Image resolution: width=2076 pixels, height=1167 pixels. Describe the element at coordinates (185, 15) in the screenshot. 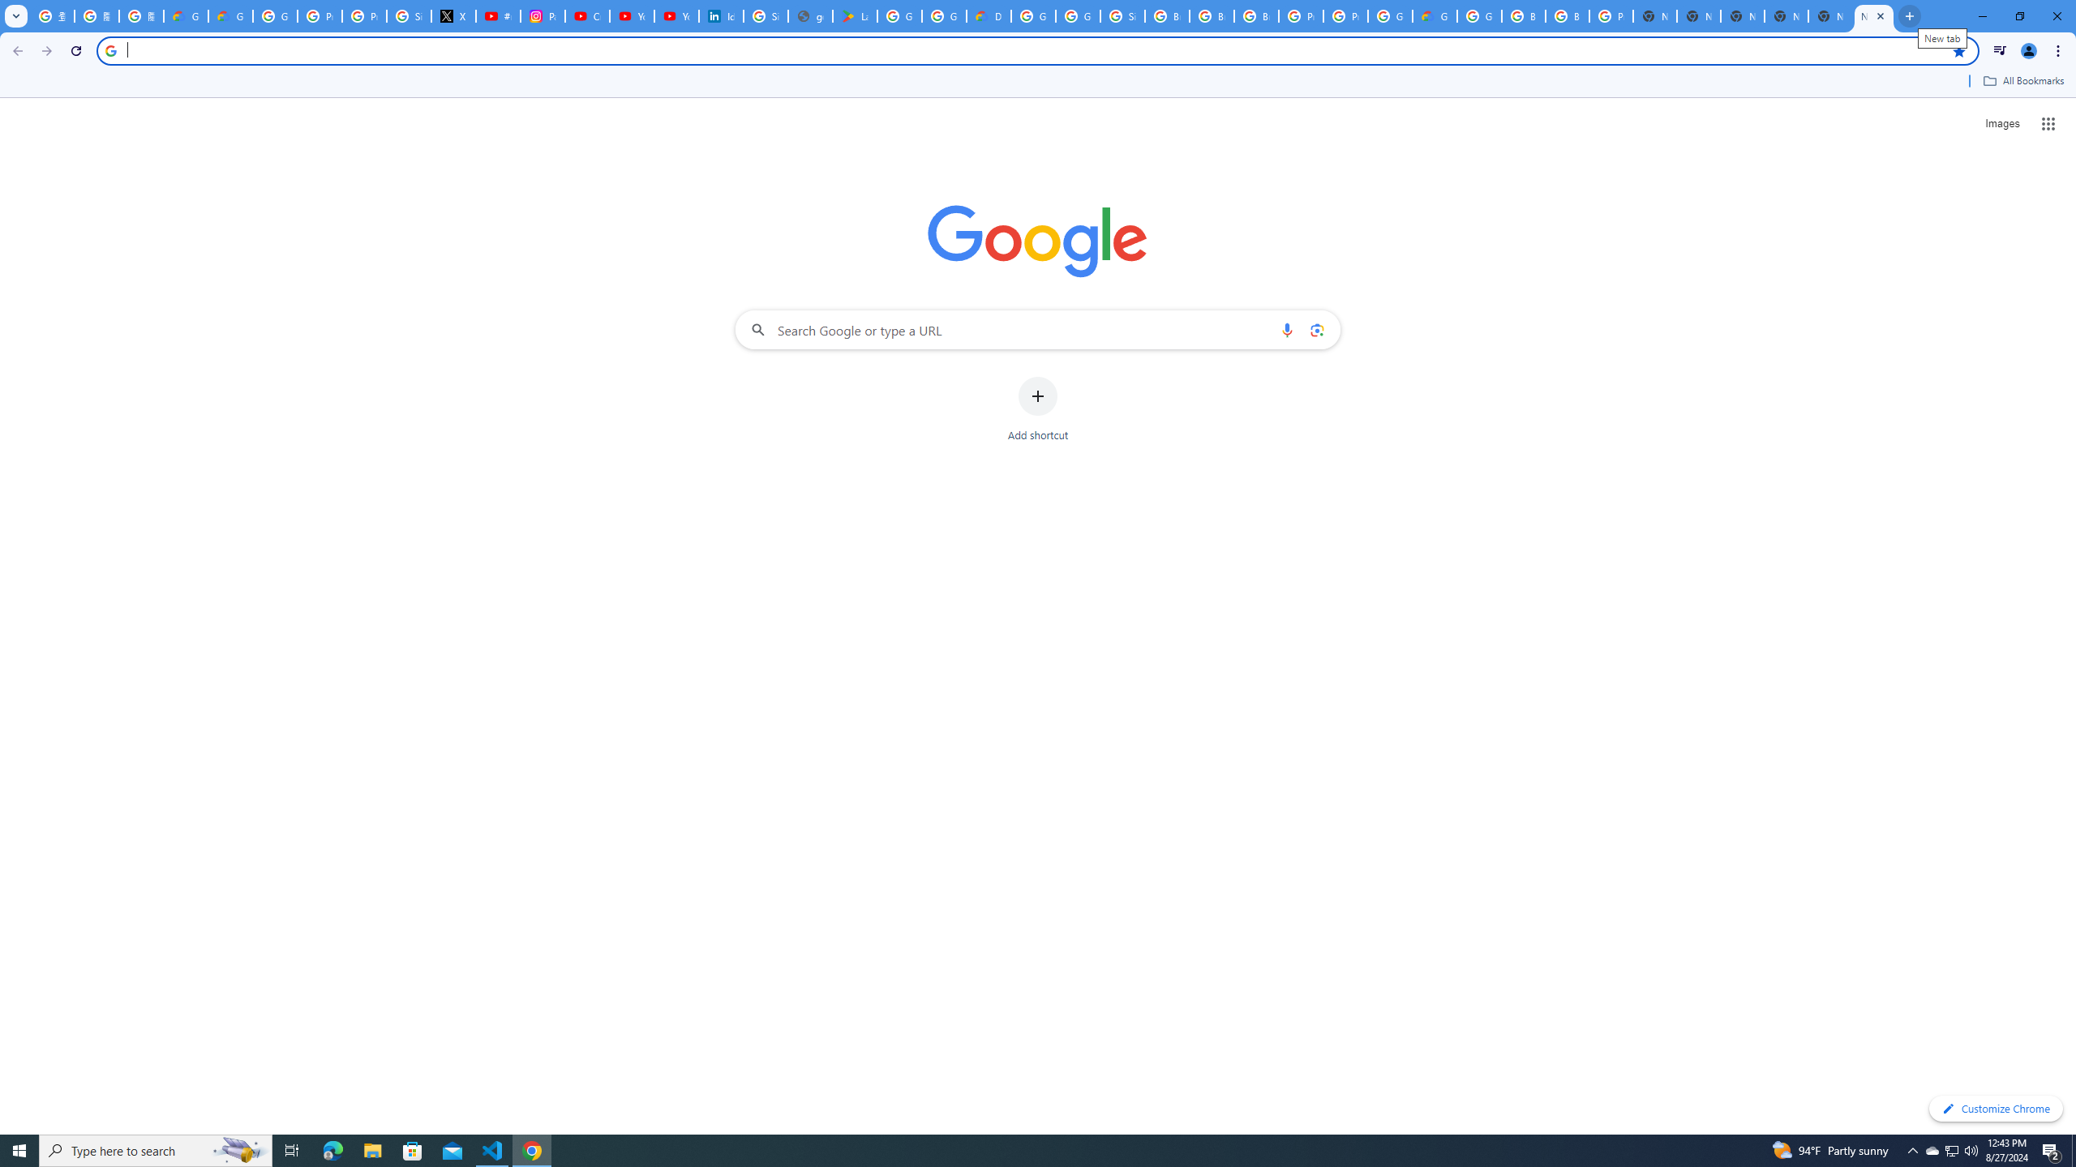

I see `'Google Cloud Privacy Notice'` at that location.